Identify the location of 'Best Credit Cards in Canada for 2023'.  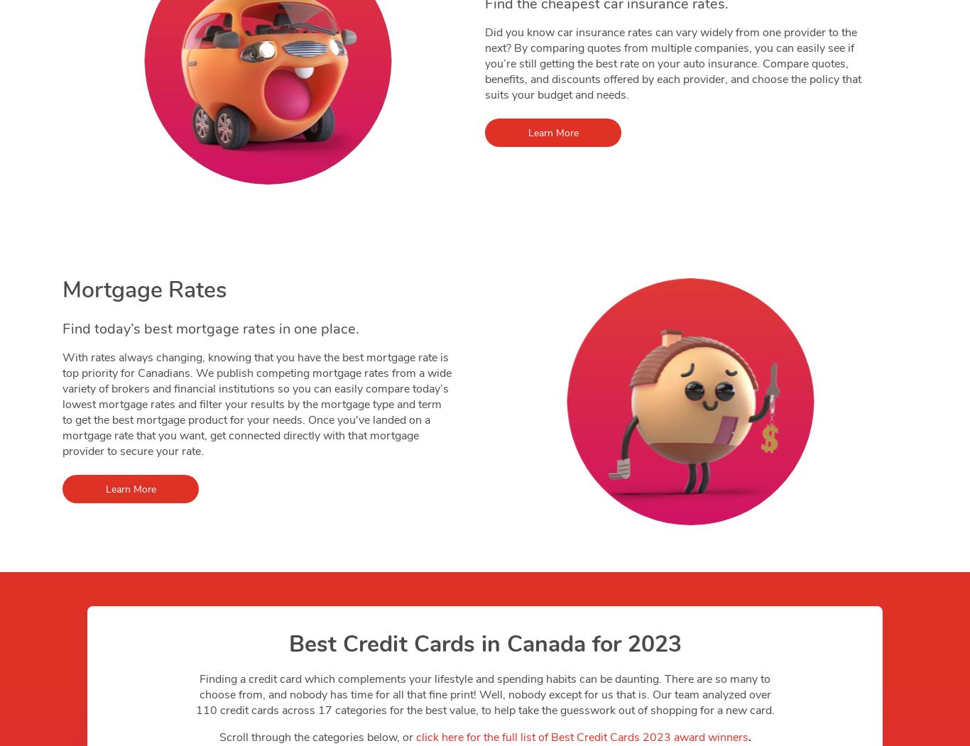
(484, 644).